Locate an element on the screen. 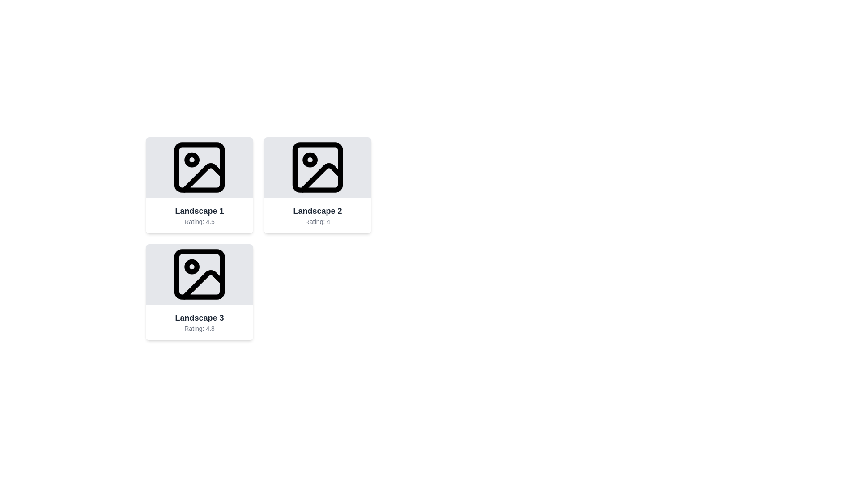  the Text block that provides title and rating information for the card in the second column of the first row of the grid is located at coordinates (318, 216).